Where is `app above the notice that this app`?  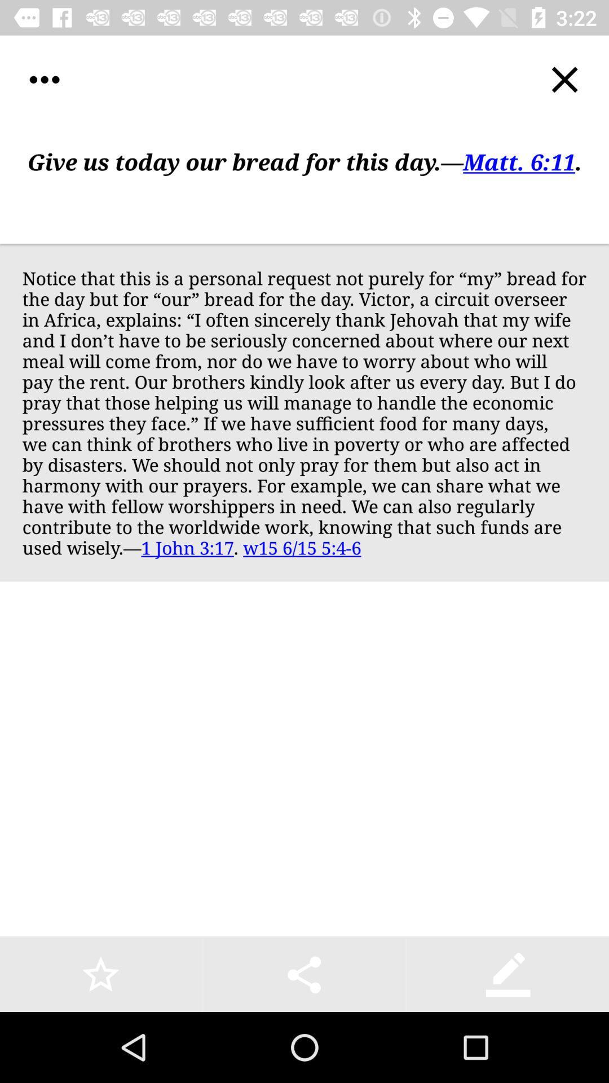
app above the notice that this app is located at coordinates (304, 184).